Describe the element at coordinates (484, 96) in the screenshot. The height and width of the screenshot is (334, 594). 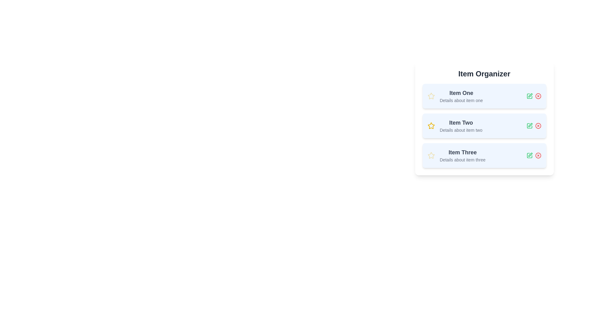
I see `the item to read its details. Specify the item number as 1` at that location.